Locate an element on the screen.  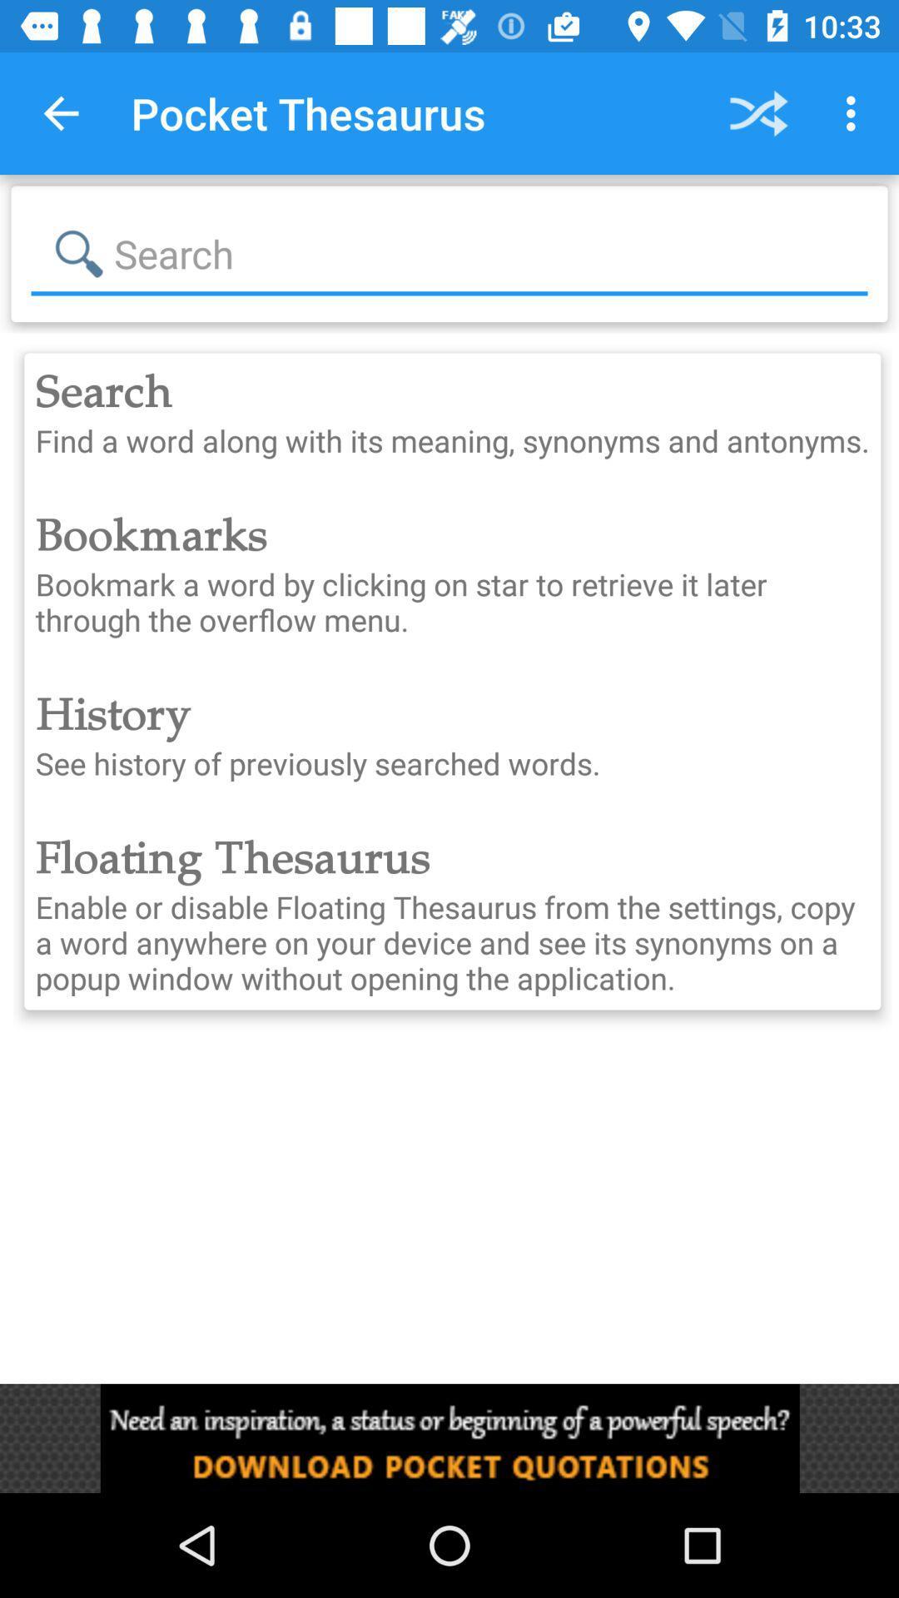
to search is located at coordinates (449, 253).